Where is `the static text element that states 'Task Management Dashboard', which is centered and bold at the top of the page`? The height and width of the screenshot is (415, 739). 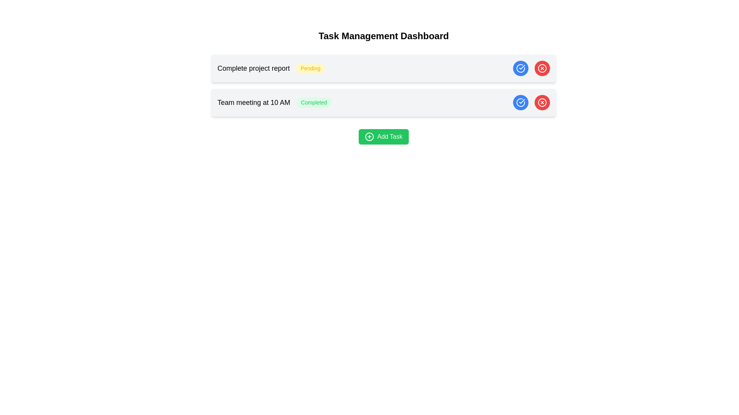
the static text element that states 'Task Management Dashboard', which is centered and bold at the top of the page is located at coordinates (384, 36).